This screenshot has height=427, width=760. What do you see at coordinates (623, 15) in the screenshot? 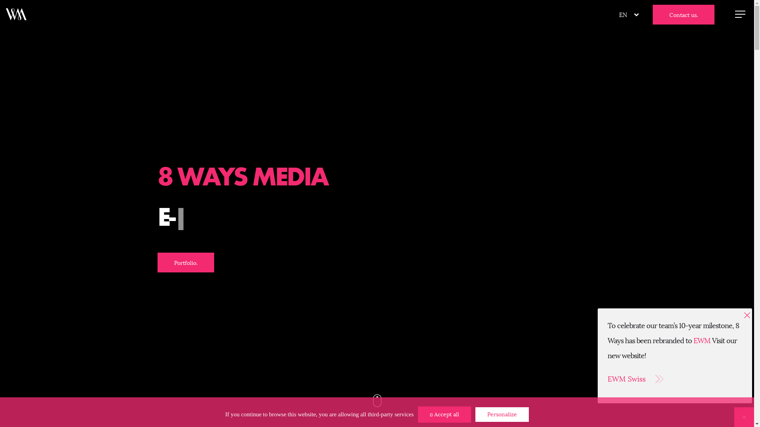
I see `'EN'` at bounding box center [623, 15].